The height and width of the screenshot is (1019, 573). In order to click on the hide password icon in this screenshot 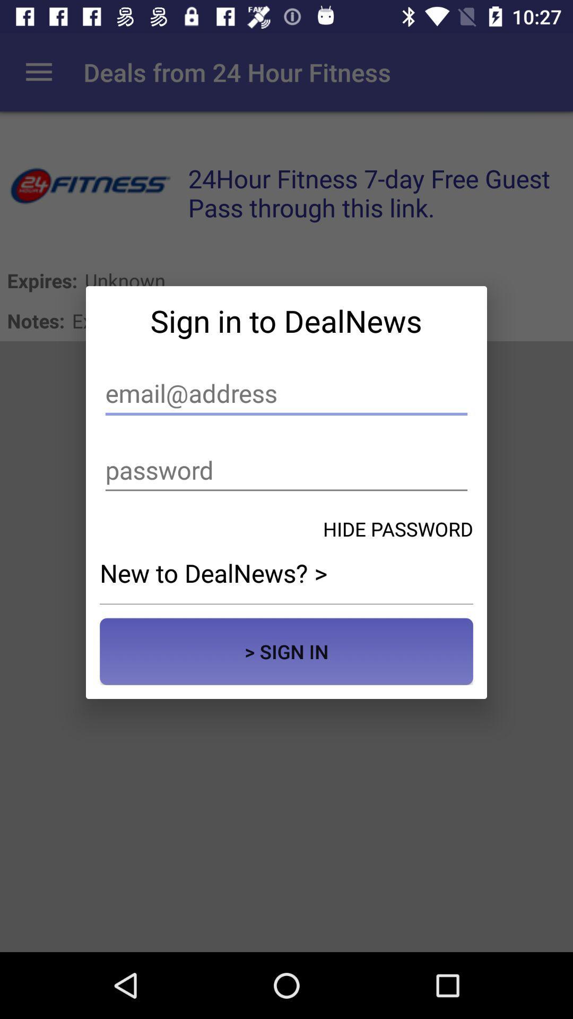, I will do `click(398, 529)`.